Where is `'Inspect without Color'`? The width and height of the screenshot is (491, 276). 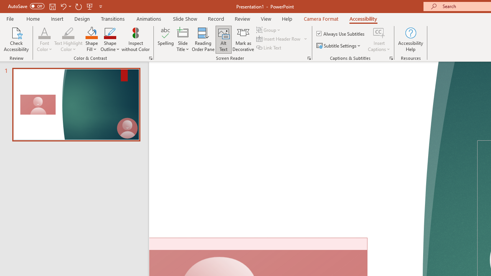
'Inspect without Color' is located at coordinates (135, 39).